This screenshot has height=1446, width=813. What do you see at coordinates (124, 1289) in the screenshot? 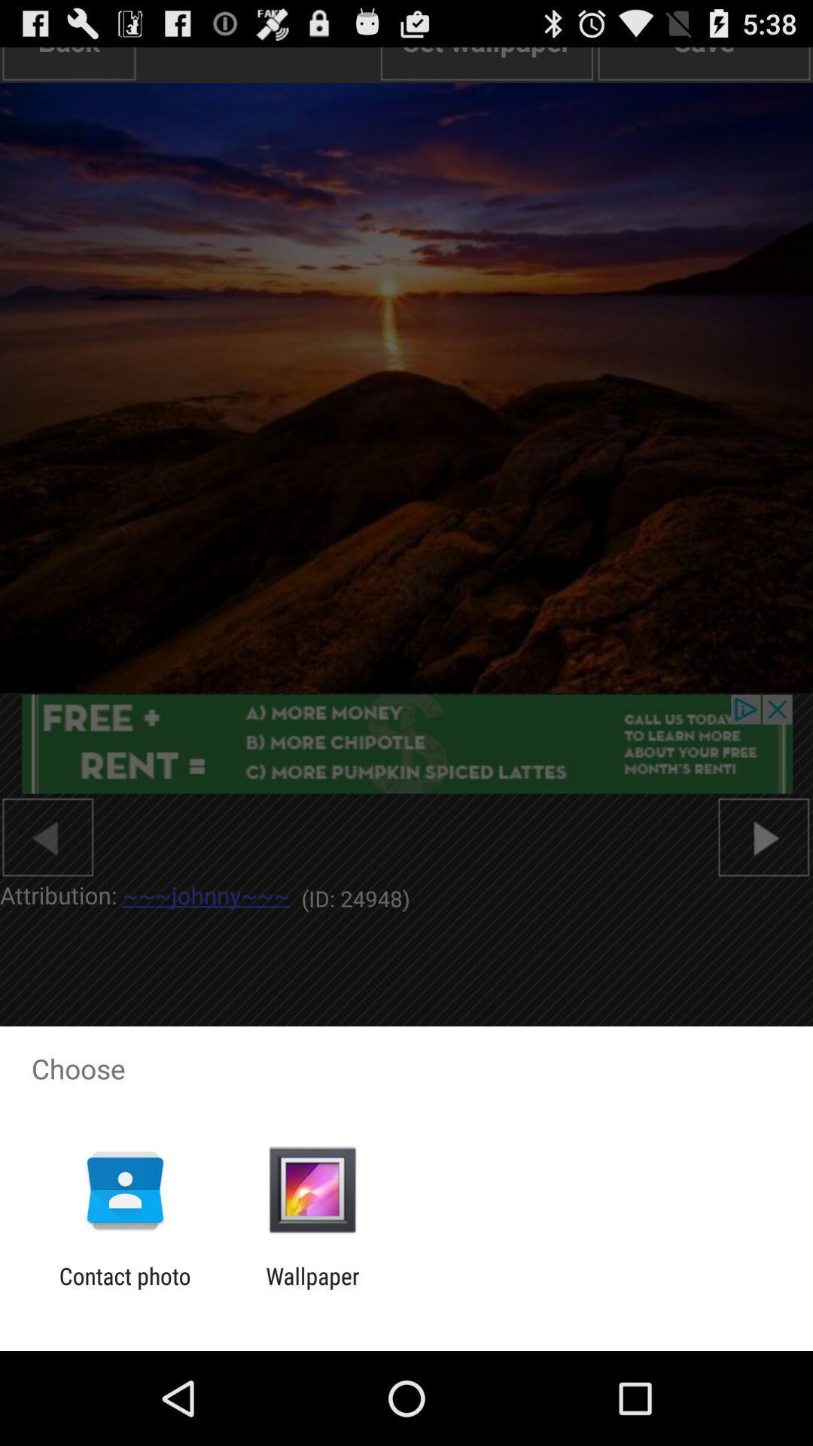
I see `the contact photo item` at bounding box center [124, 1289].